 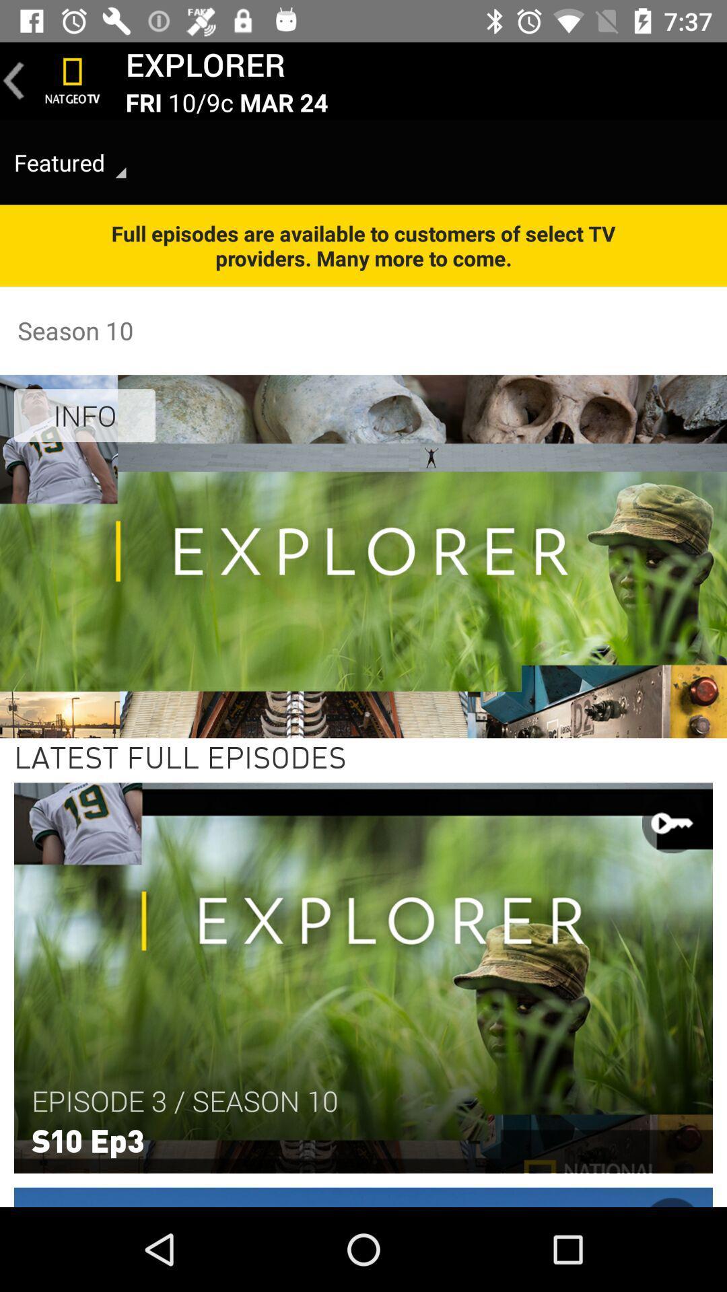 I want to click on the item to the left of explorer, so click(x=73, y=80).